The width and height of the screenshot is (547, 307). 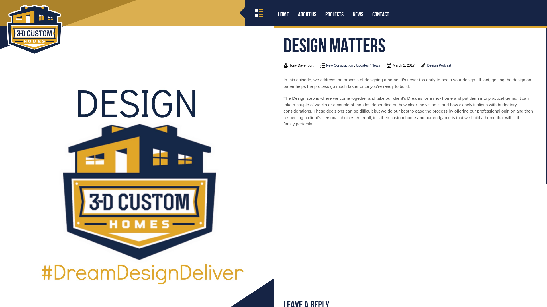 I want to click on 'Updates / News', so click(x=368, y=65).